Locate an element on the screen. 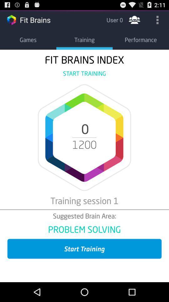  the item next to user 0 icon is located at coordinates (134, 20).